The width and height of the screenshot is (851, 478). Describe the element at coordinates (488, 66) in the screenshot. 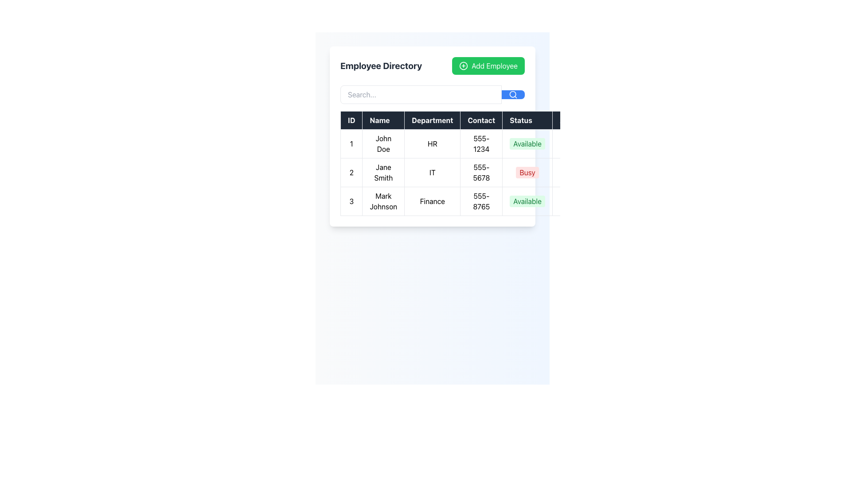

I see `the 'Add Employee' button, which has a green background and white text, located to the right of the 'Employee Directory' text in the header section` at that location.